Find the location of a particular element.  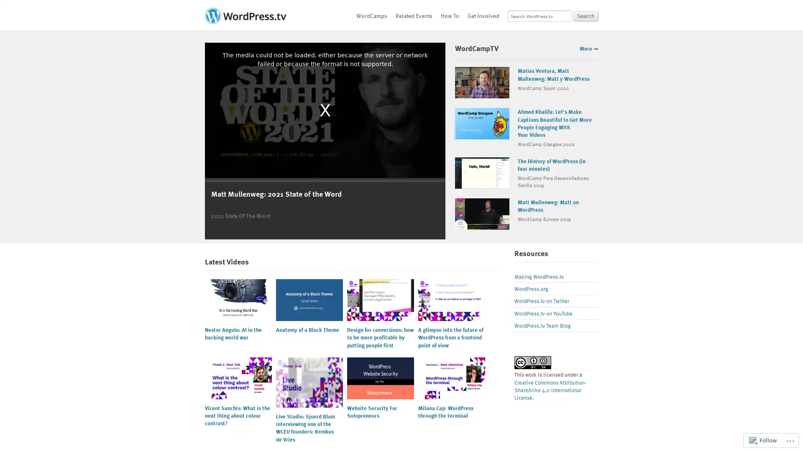

Search is located at coordinates (586, 16).